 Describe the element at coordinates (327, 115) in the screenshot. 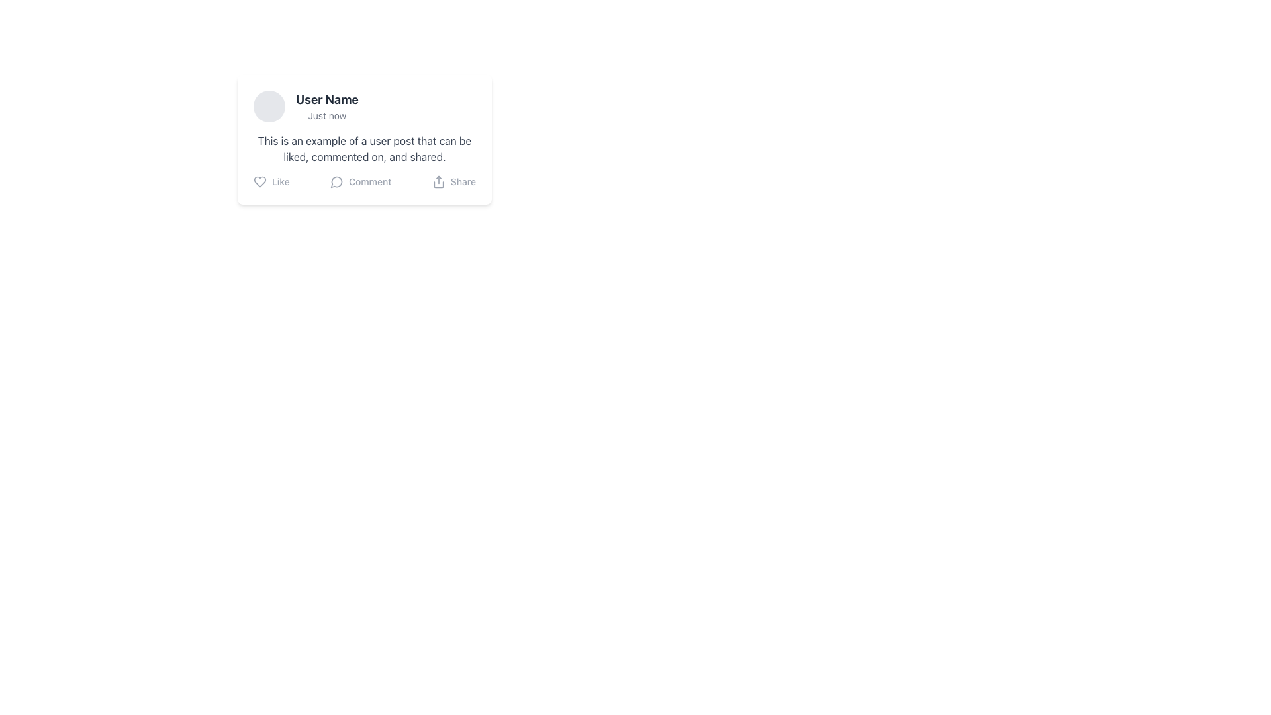

I see `the timestamp text label located directly below the 'User Name' text to trigger any hidden actions` at that location.